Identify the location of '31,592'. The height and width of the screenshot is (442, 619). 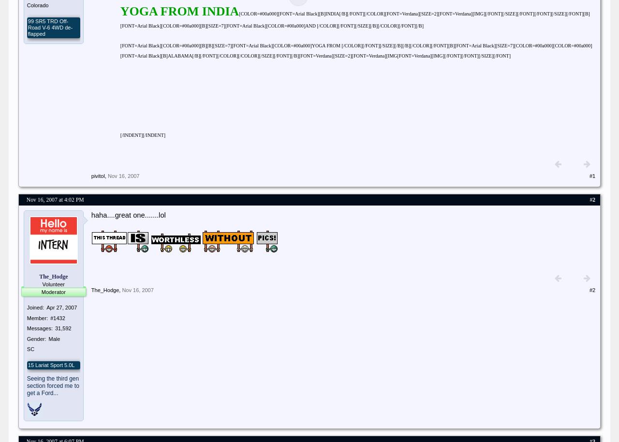
(62, 328).